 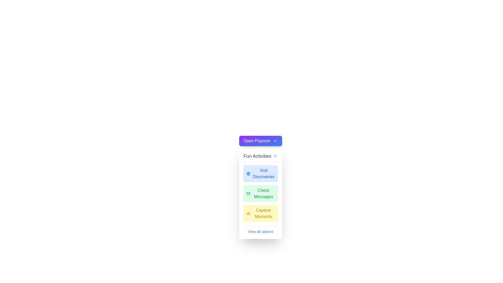 What do you see at coordinates (275, 140) in the screenshot?
I see `the downward-pointing chevron icon inside the 'Open Popover' button` at bounding box center [275, 140].